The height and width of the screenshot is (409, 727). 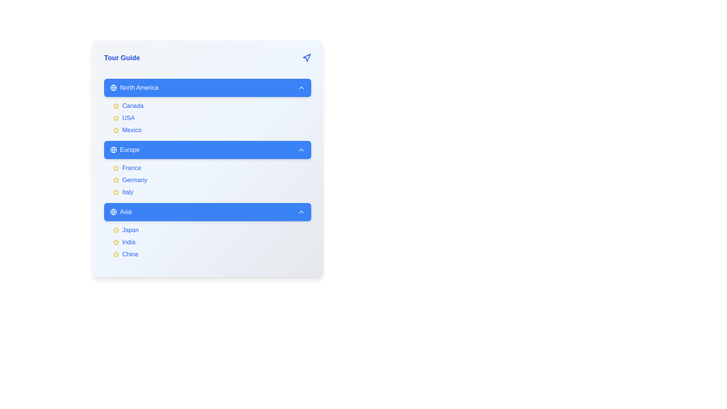 I want to click on the hyperlink labeled 'France' which is styled with an underline appearance when hovered, located under the 'Europe' heading in the list, so click(x=131, y=167).